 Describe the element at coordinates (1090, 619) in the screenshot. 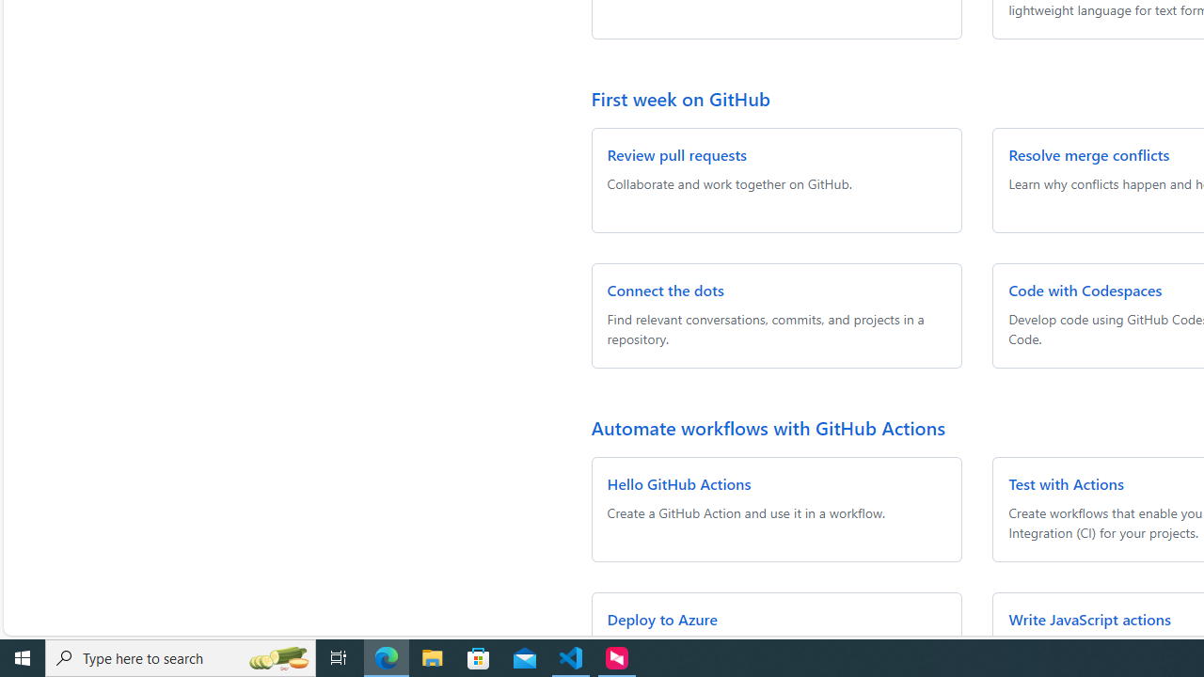

I see `'Write JavaScript actions'` at that location.